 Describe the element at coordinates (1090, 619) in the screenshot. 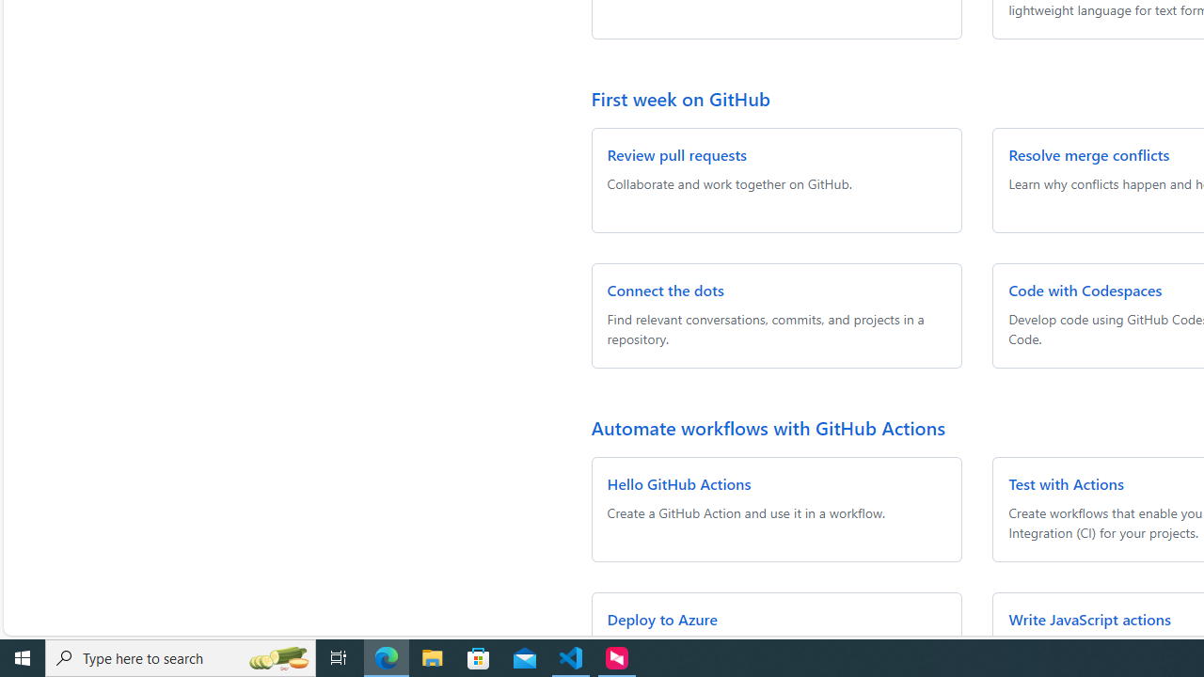

I see `'Write JavaScript actions'` at that location.